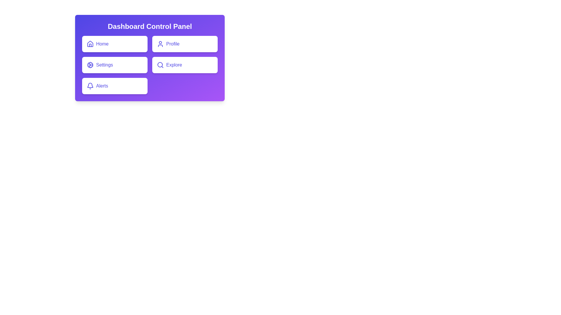 The width and height of the screenshot is (561, 315). I want to click on the button located in the second row and second column of the grid layout, which is positioned to the right of 'Settings' and above 'Alerts', so click(185, 65).